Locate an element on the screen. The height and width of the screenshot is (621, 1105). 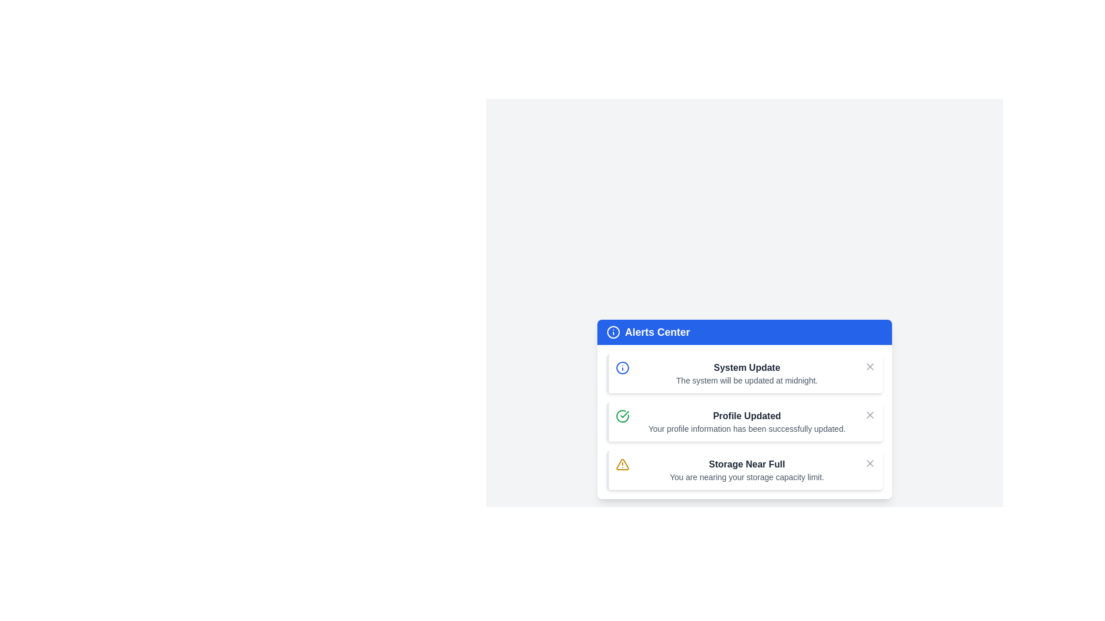
the circular green checkmark icon indicating successful completion, located next to the 'Profile Updated' notification in the Alerts Center is located at coordinates (622, 416).